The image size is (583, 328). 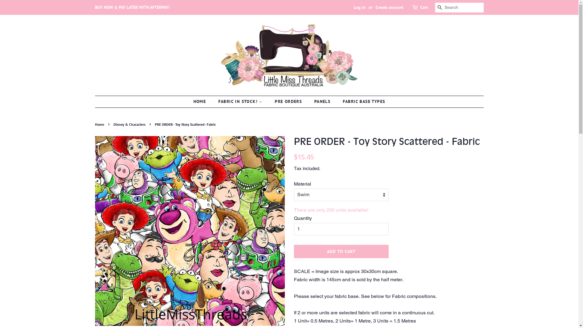 I want to click on 'Disney & Characters', so click(x=114, y=124).